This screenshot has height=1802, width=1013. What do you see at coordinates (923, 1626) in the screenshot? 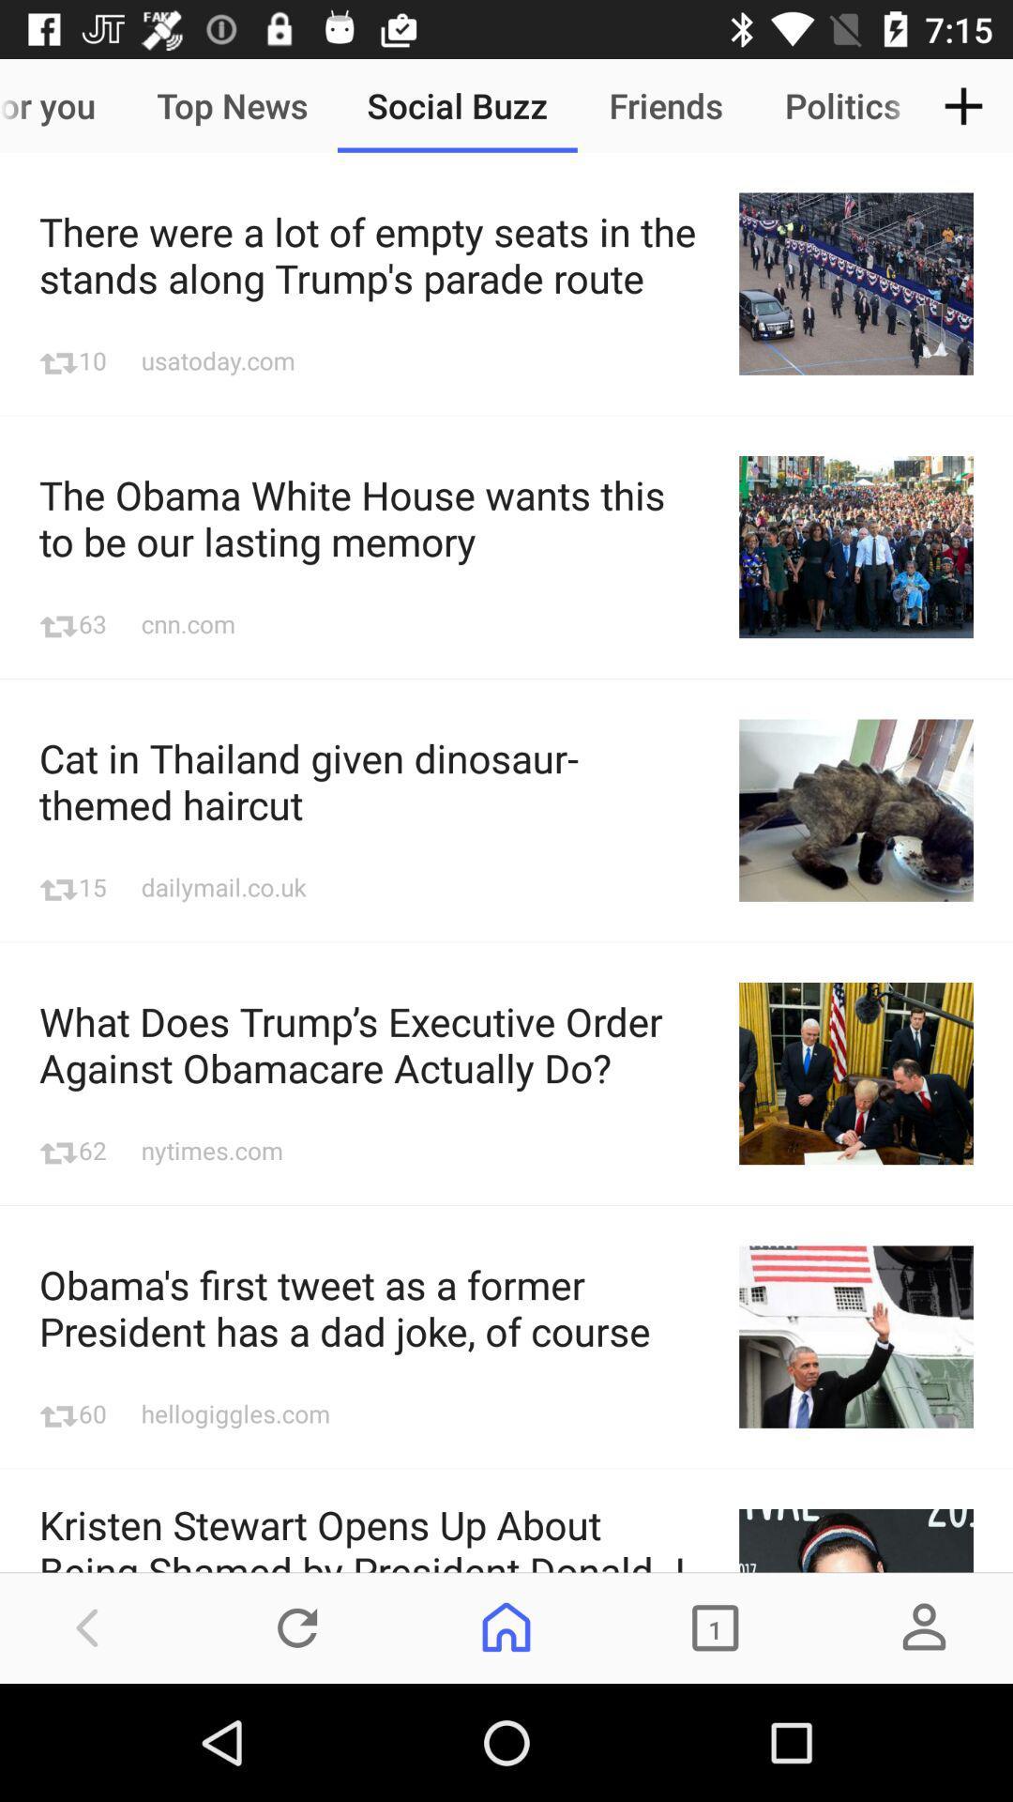
I see `the avatar icon` at bounding box center [923, 1626].